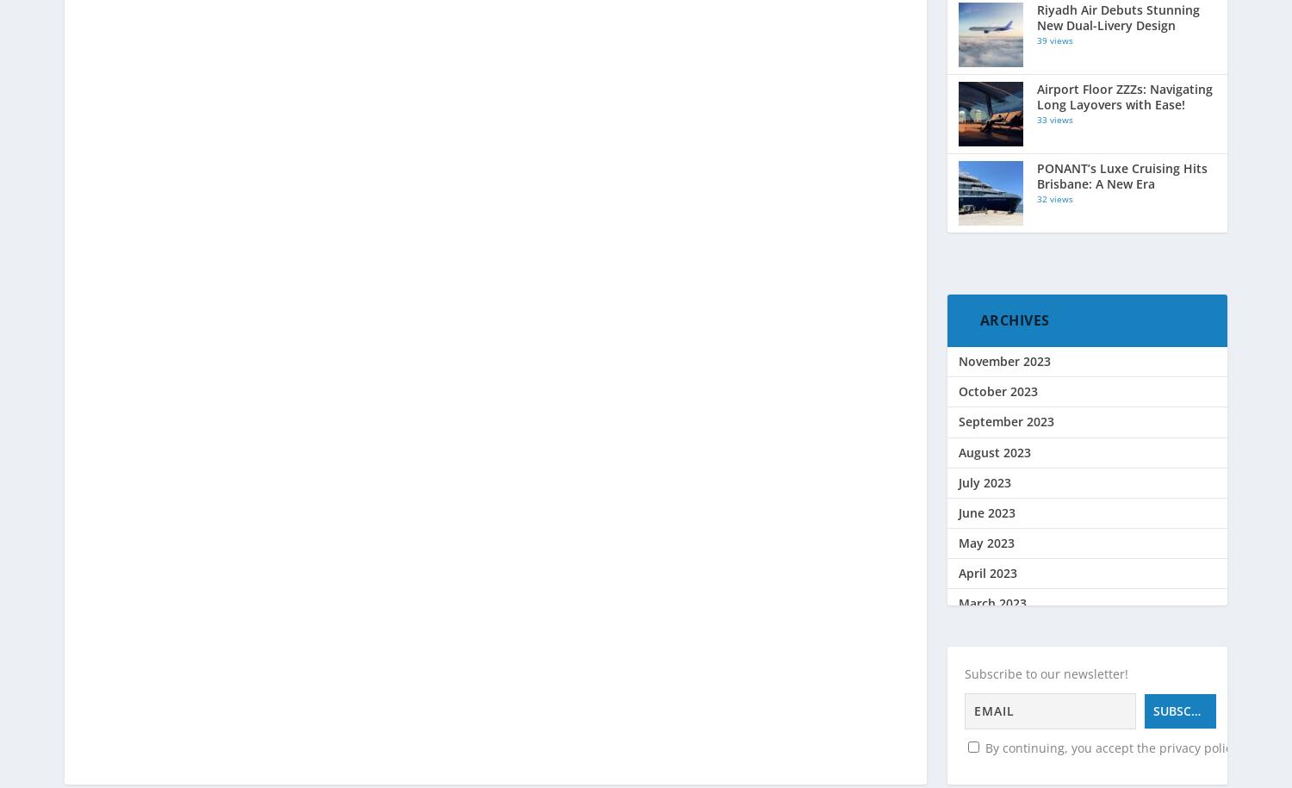  What do you see at coordinates (956, 633) in the screenshot?
I see `'February 2023'` at bounding box center [956, 633].